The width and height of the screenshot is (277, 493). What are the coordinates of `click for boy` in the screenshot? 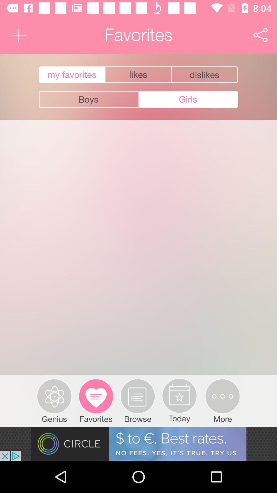 It's located at (88, 99).